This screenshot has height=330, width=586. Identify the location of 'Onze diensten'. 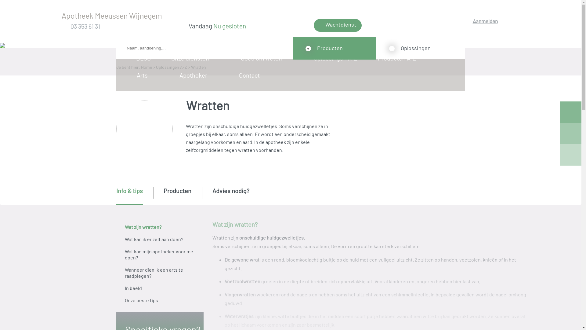
(192, 58).